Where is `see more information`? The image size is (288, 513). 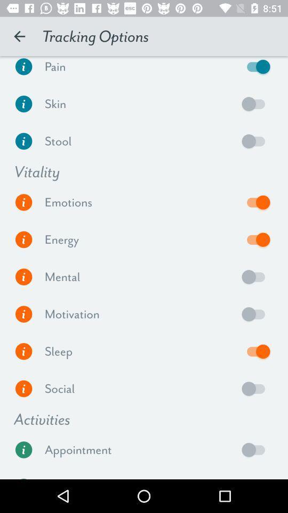 see more information is located at coordinates (23, 69).